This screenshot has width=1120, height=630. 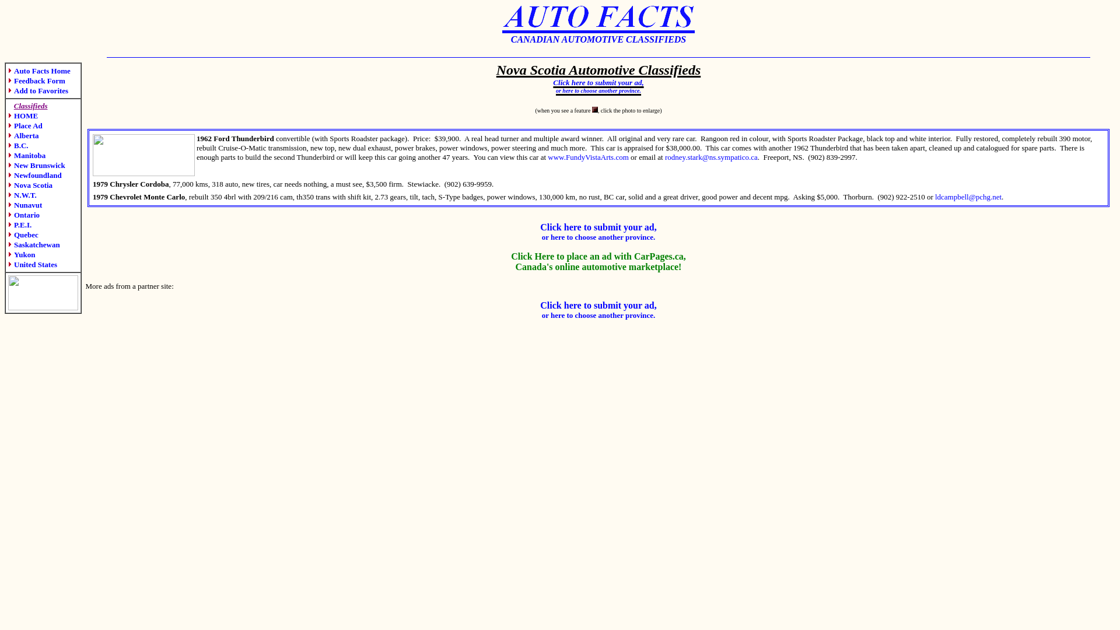 I want to click on 'New Brunswick', so click(x=36, y=165).